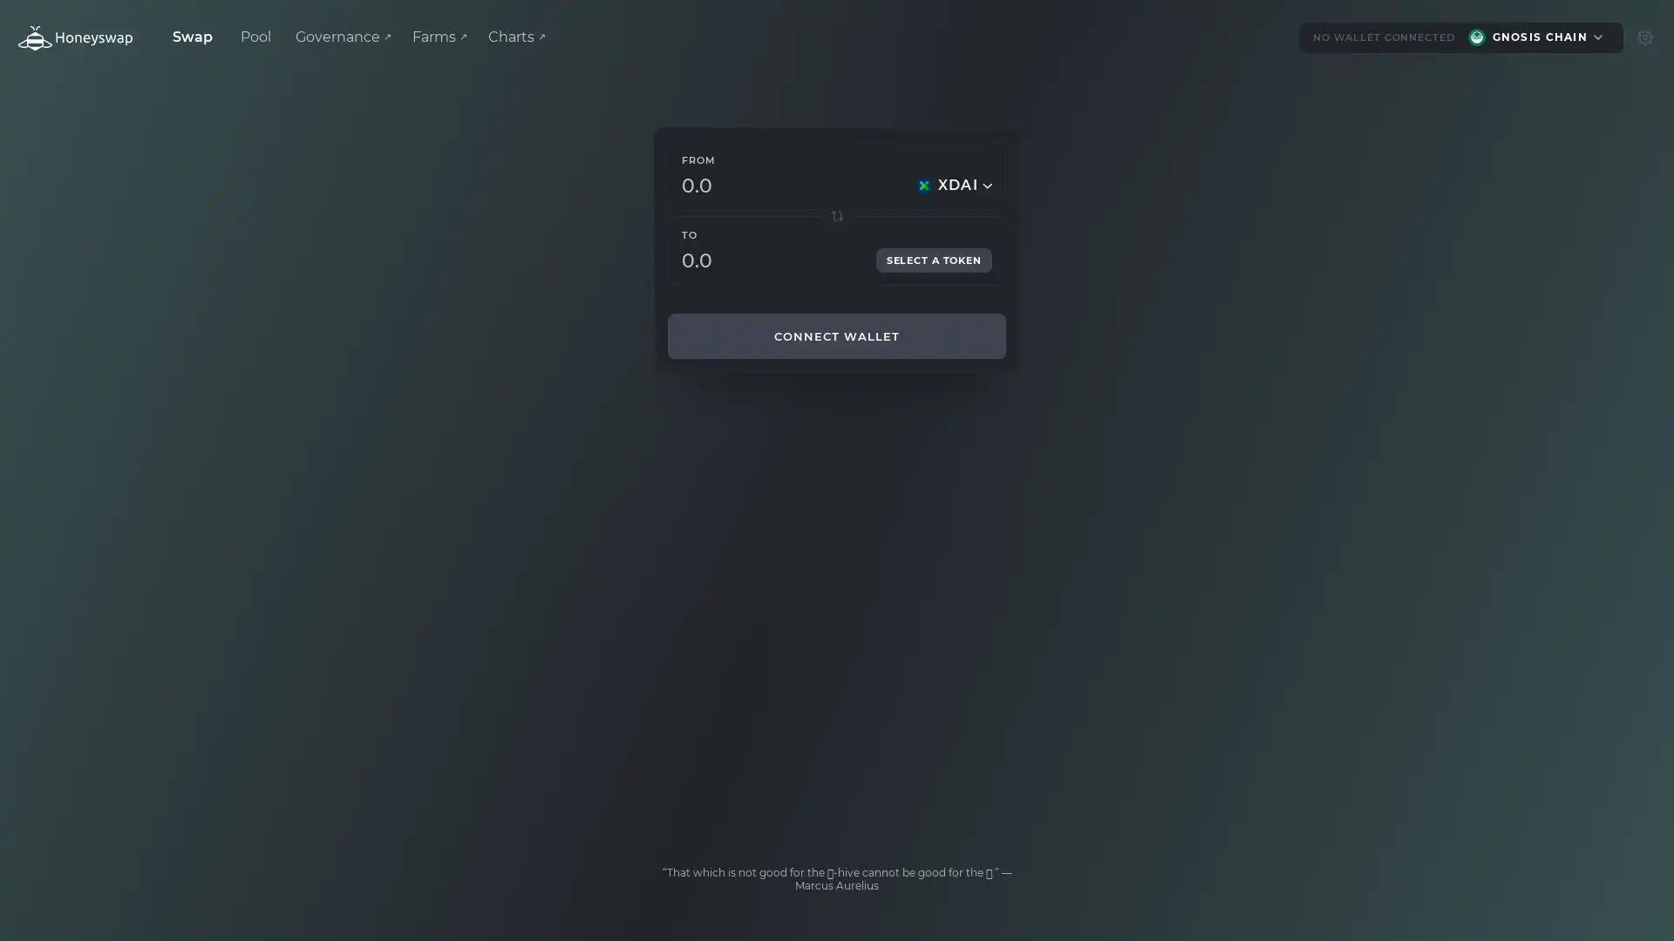 Image resolution: width=1674 pixels, height=941 pixels. What do you see at coordinates (1537, 37) in the screenshot?
I see `GNOSIS CHAIN` at bounding box center [1537, 37].